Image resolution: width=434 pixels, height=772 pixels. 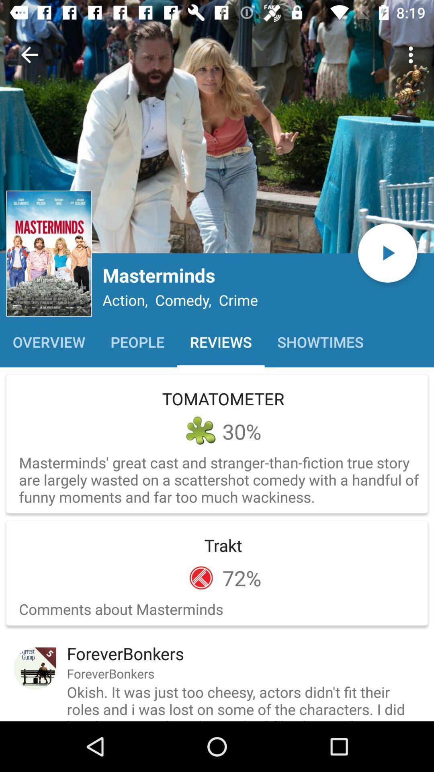 What do you see at coordinates (387, 253) in the screenshot?
I see `play` at bounding box center [387, 253].